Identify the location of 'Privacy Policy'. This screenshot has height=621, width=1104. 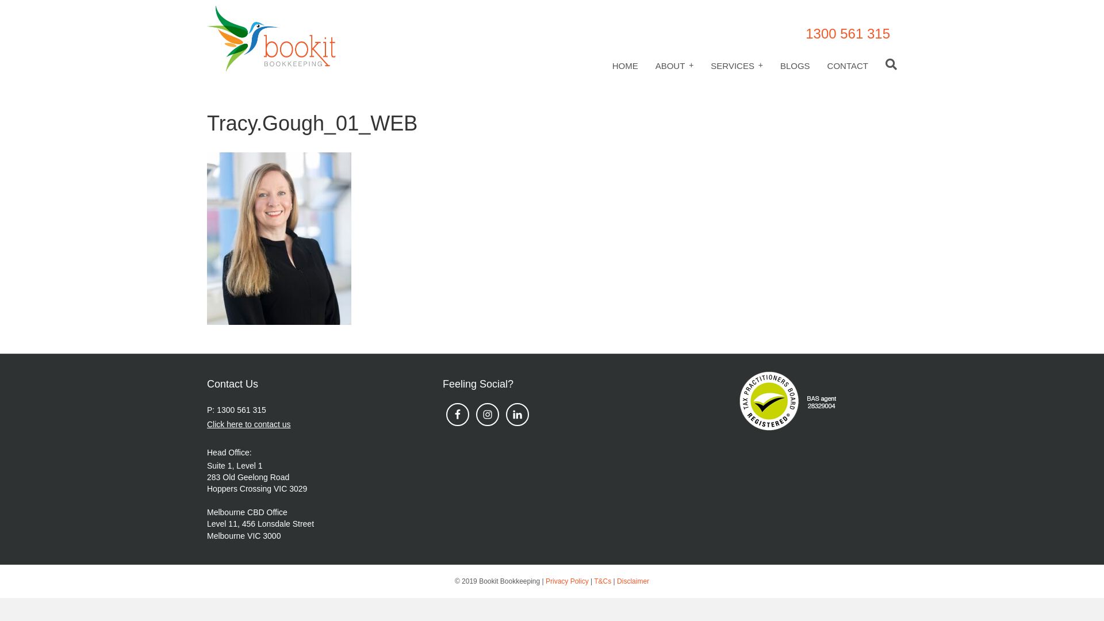
(567, 581).